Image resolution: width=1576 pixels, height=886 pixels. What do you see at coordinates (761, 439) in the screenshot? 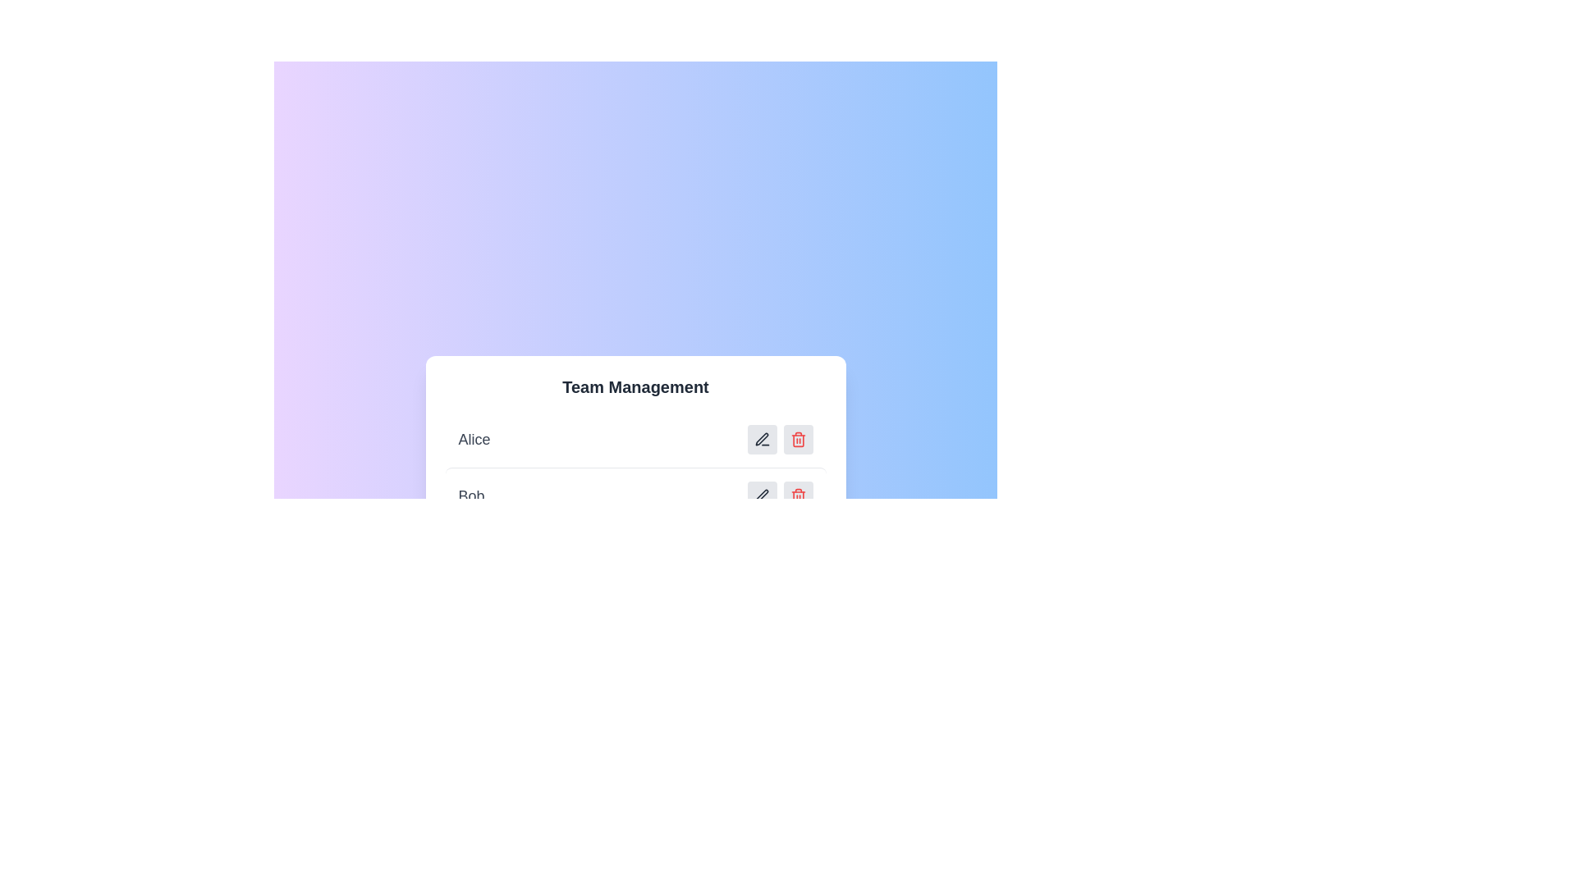
I see `edit button for the team member Alice` at bounding box center [761, 439].